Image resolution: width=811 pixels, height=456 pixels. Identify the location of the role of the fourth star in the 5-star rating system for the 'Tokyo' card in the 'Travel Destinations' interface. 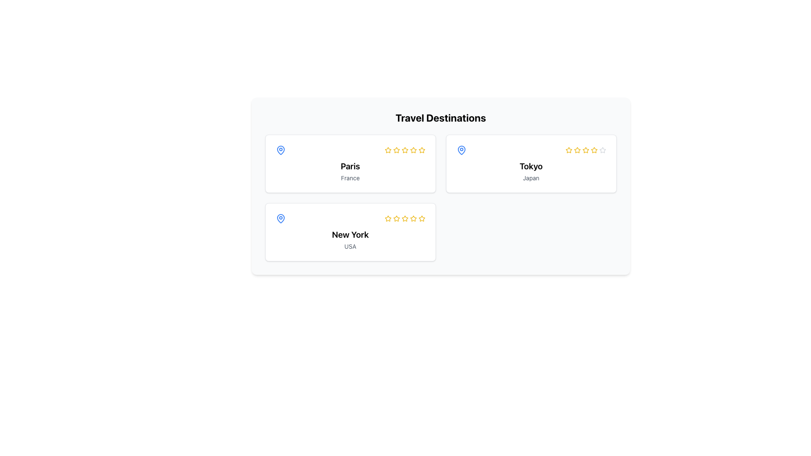
(585, 149).